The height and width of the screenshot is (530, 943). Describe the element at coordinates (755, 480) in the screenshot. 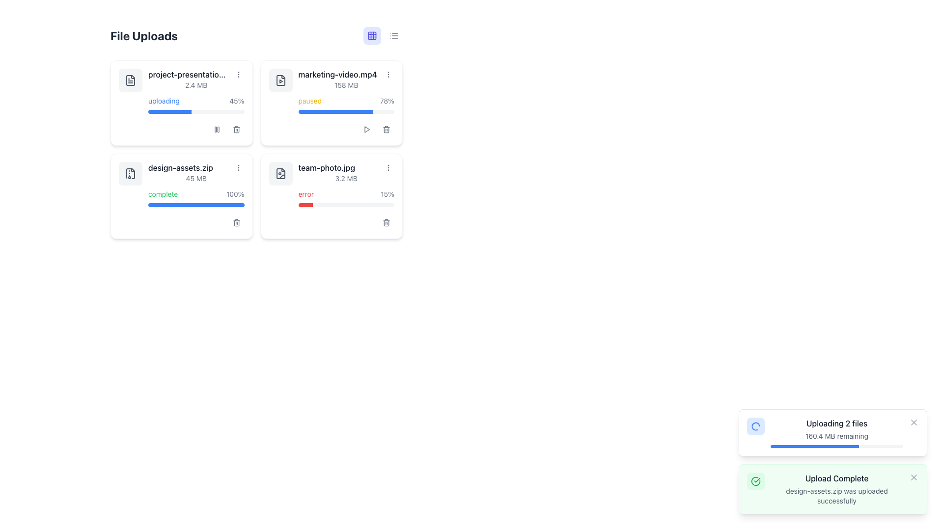

I see `the circular green checkmark icon located in the bottom notification area next to the 'Upload Complete' message` at that location.